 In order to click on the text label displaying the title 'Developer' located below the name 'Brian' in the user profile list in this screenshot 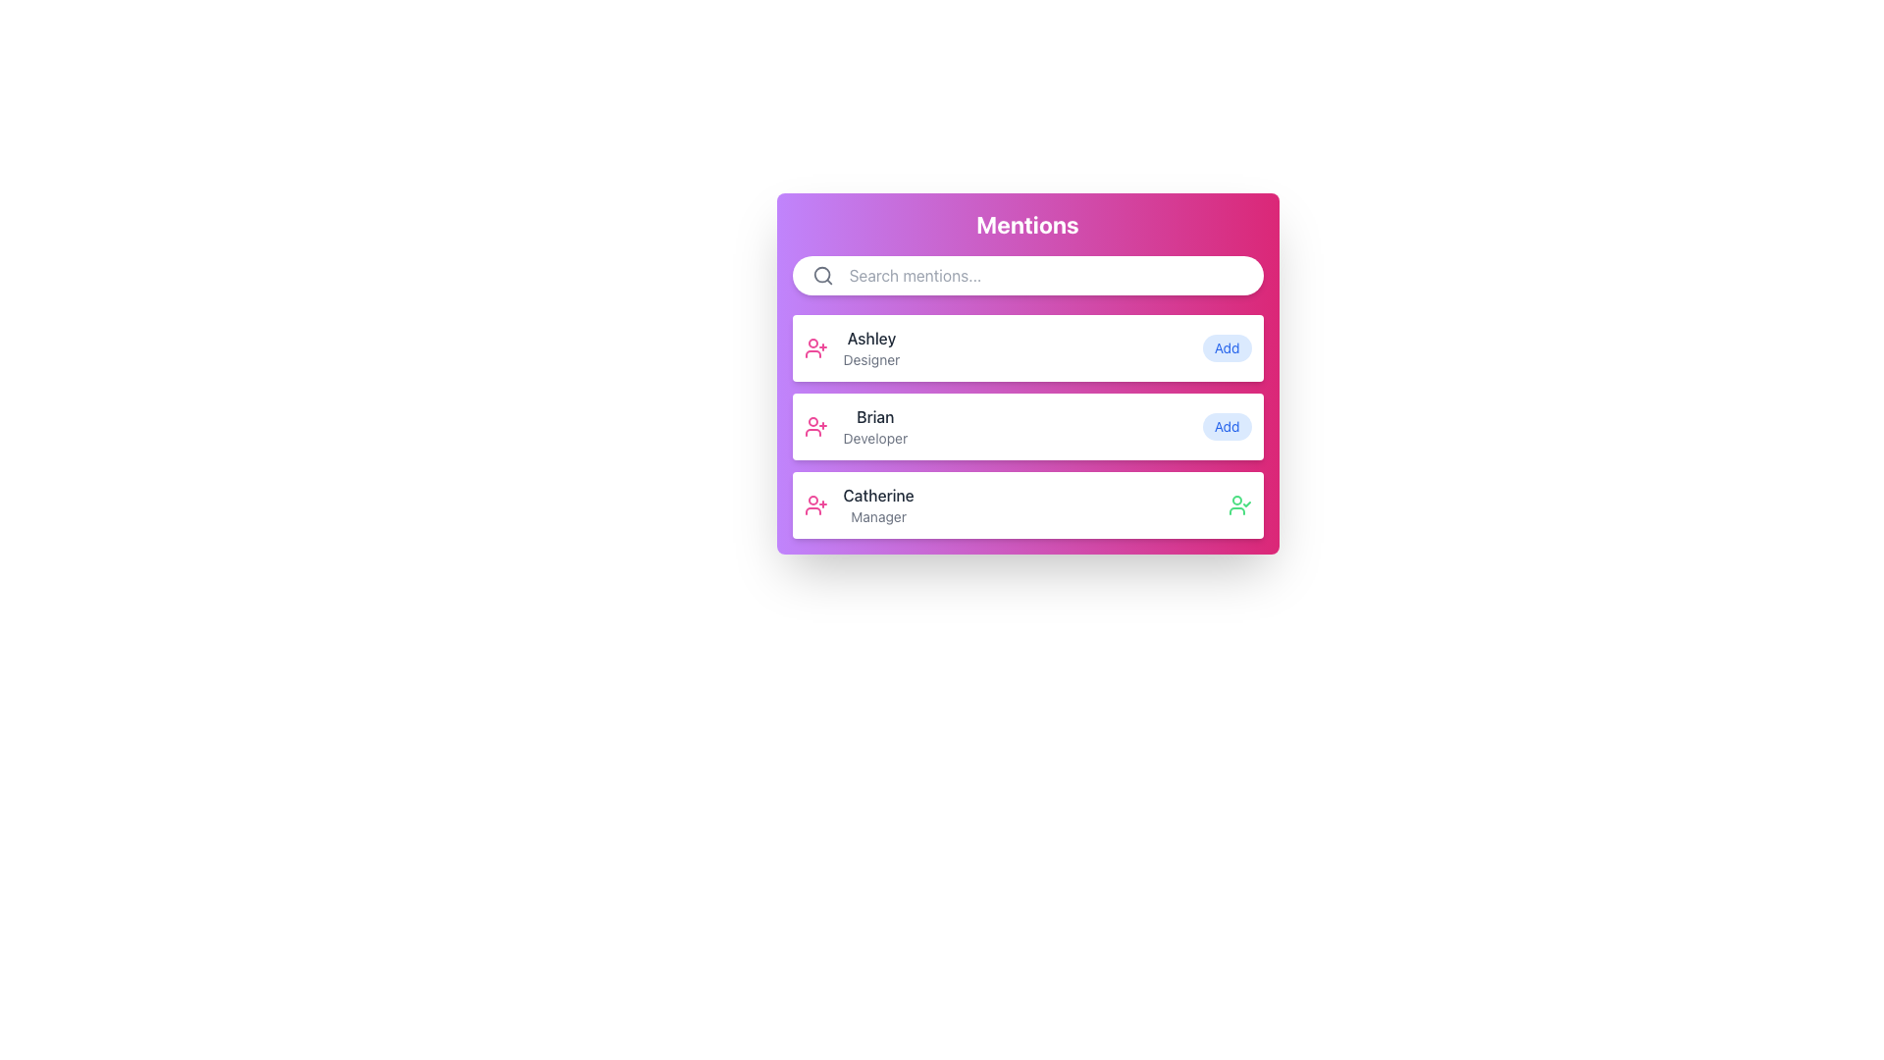, I will do `click(874, 438)`.